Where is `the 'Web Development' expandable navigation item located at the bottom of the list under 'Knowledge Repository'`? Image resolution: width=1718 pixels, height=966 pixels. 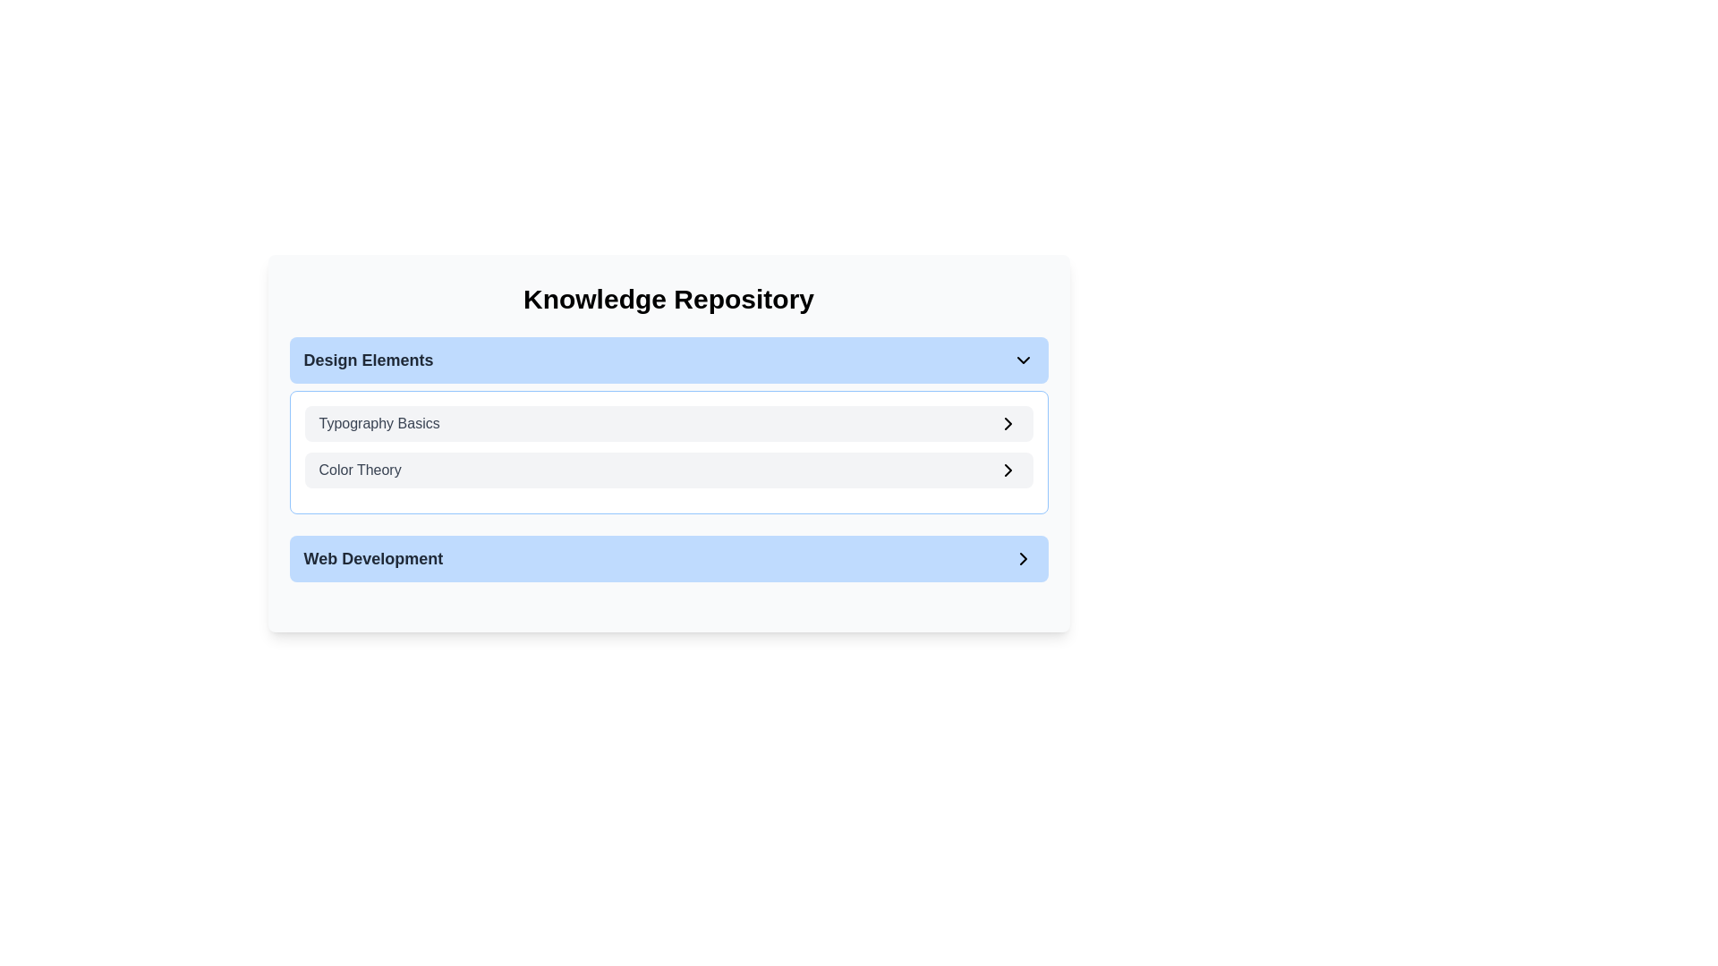 the 'Web Development' expandable navigation item located at the bottom of the list under 'Knowledge Repository' is located at coordinates (668, 557).